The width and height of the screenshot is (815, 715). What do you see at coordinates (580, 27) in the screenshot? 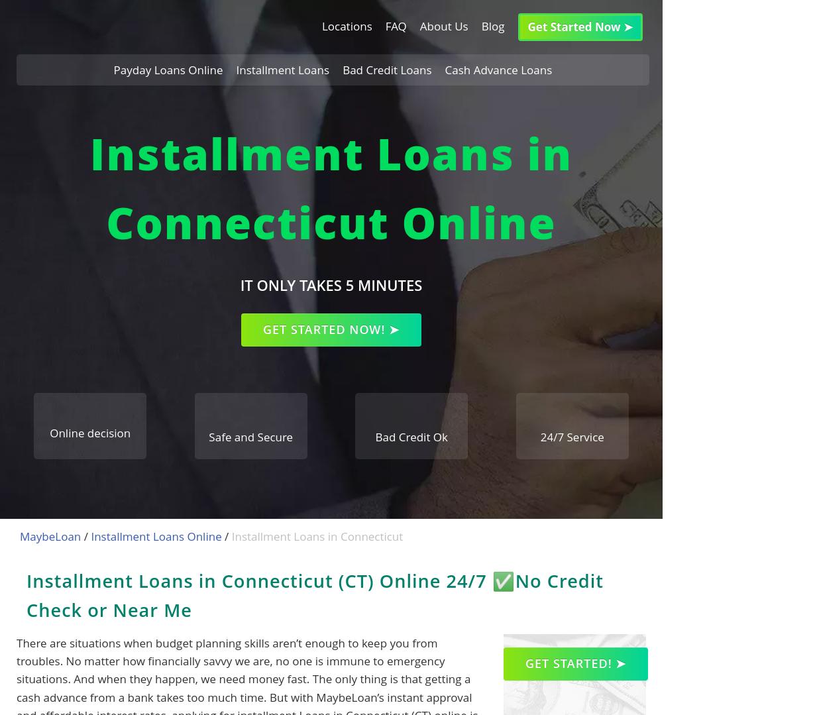
I see `'Get Started Now ➤'` at bounding box center [580, 27].